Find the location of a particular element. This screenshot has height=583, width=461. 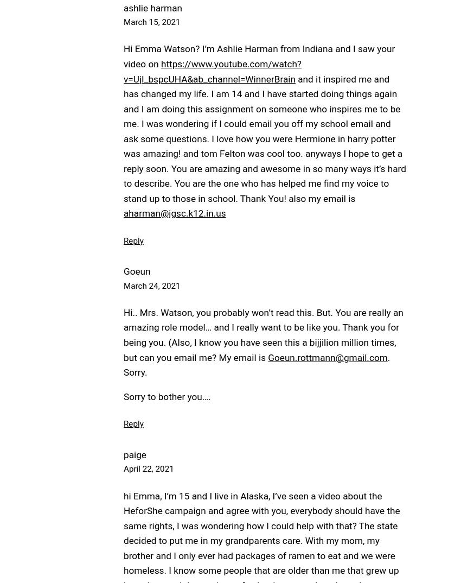

'Goeun.rottmann@gmail.com' is located at coordinates (327, 357).